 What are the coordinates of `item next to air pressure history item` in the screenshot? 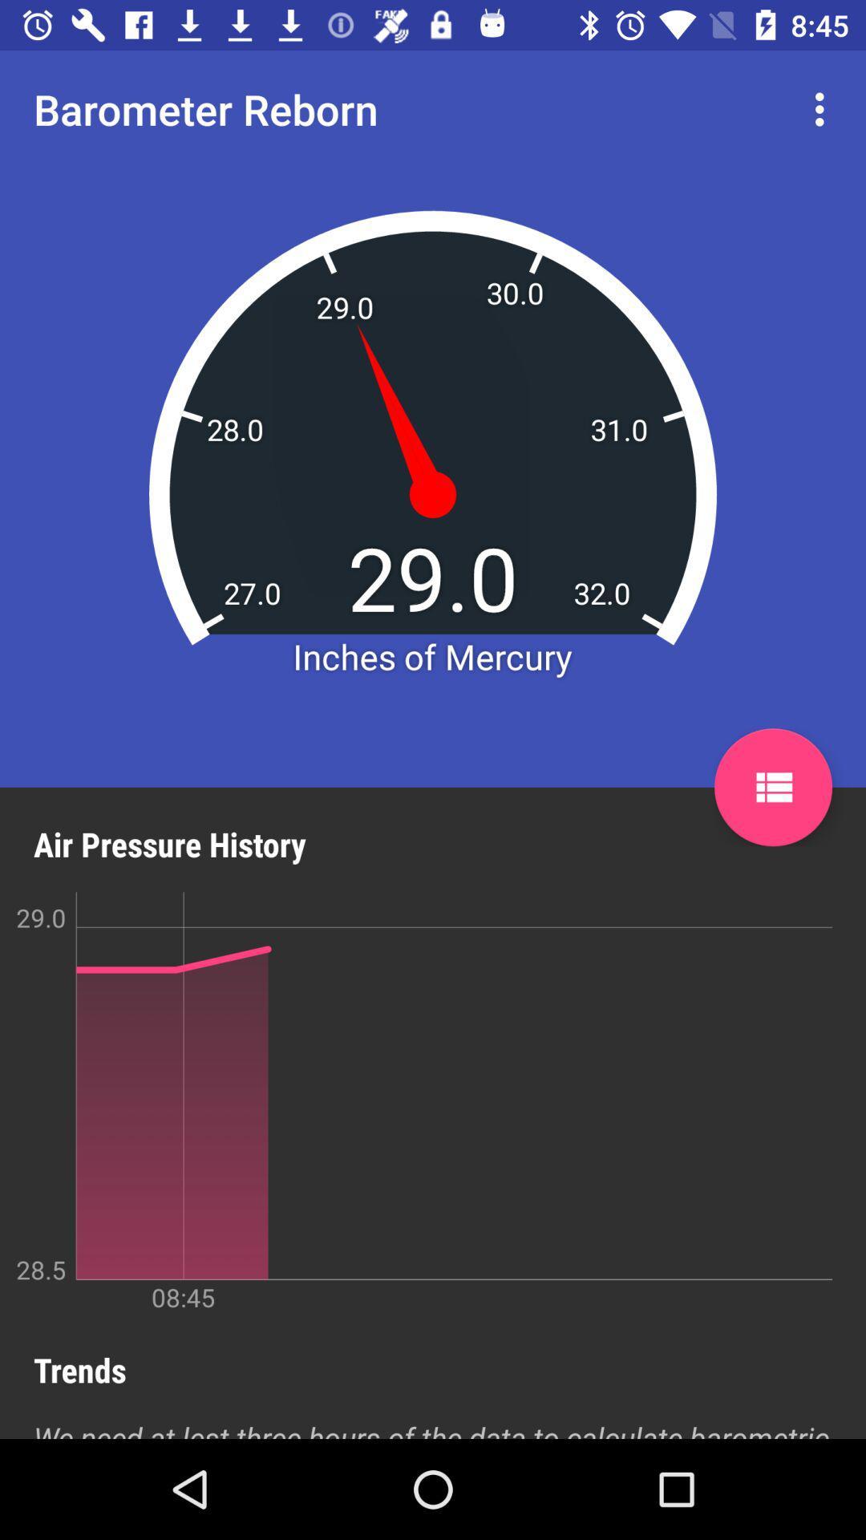 It's located at (772, 787).